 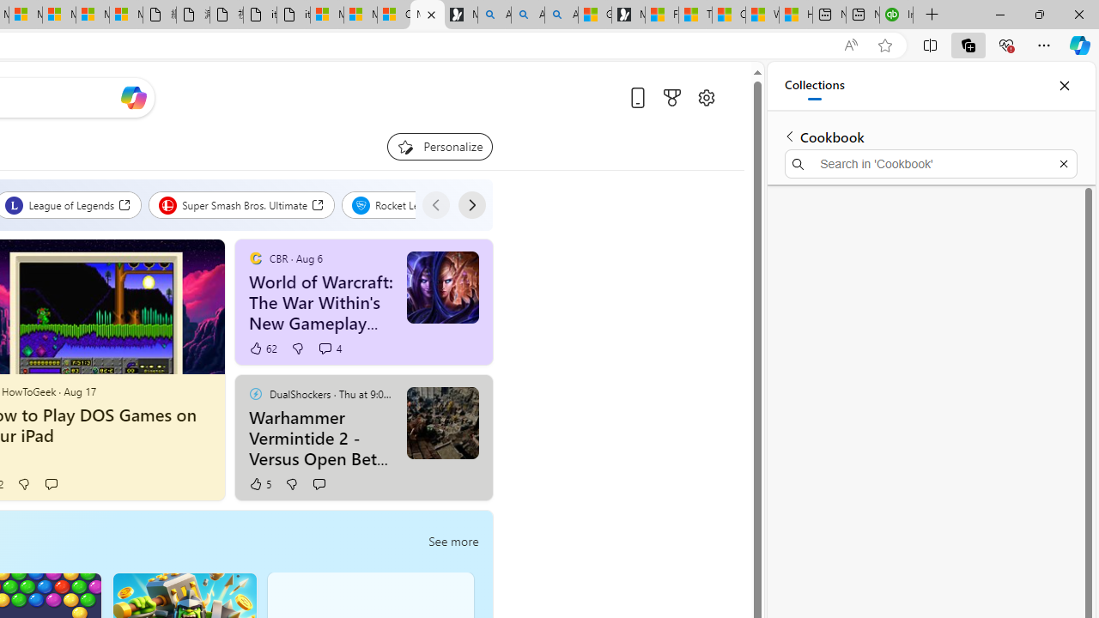 I want to click on '5 Like', so click(x=258, y=484).